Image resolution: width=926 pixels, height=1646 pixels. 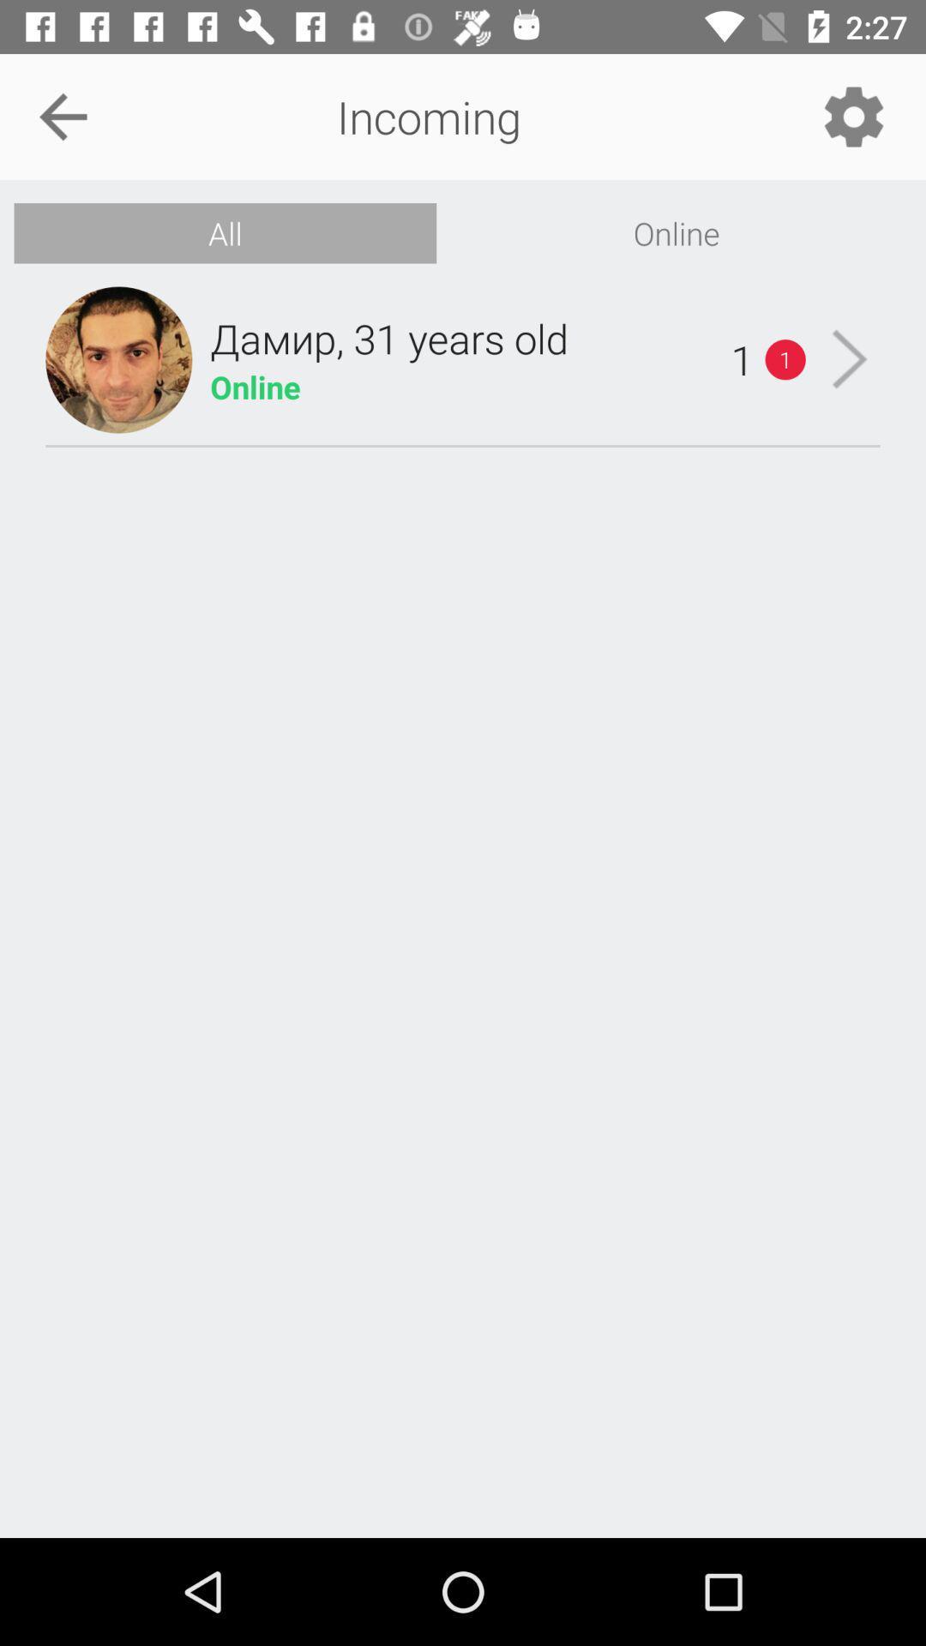 I want to click on the item to the right of the 1 item, so click(x=850, y=358).